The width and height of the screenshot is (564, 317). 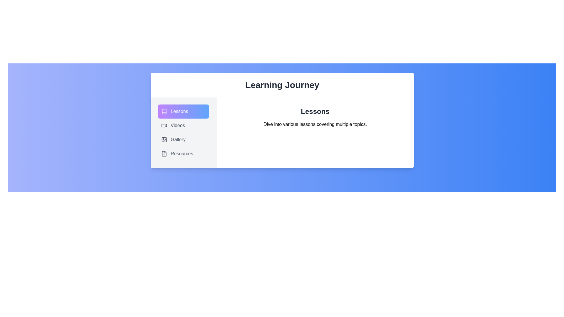 I want to click on the tab labeled Videos to activate it, so click(x=183, y=125).